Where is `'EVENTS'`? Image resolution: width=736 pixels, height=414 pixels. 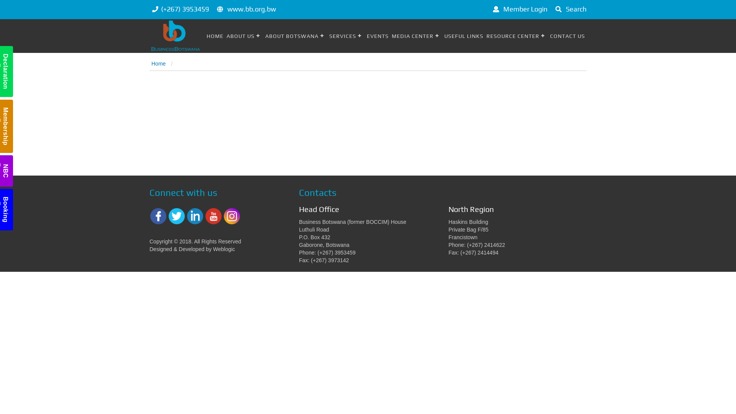 'EVENTS' is located at coordinates (378, 36).